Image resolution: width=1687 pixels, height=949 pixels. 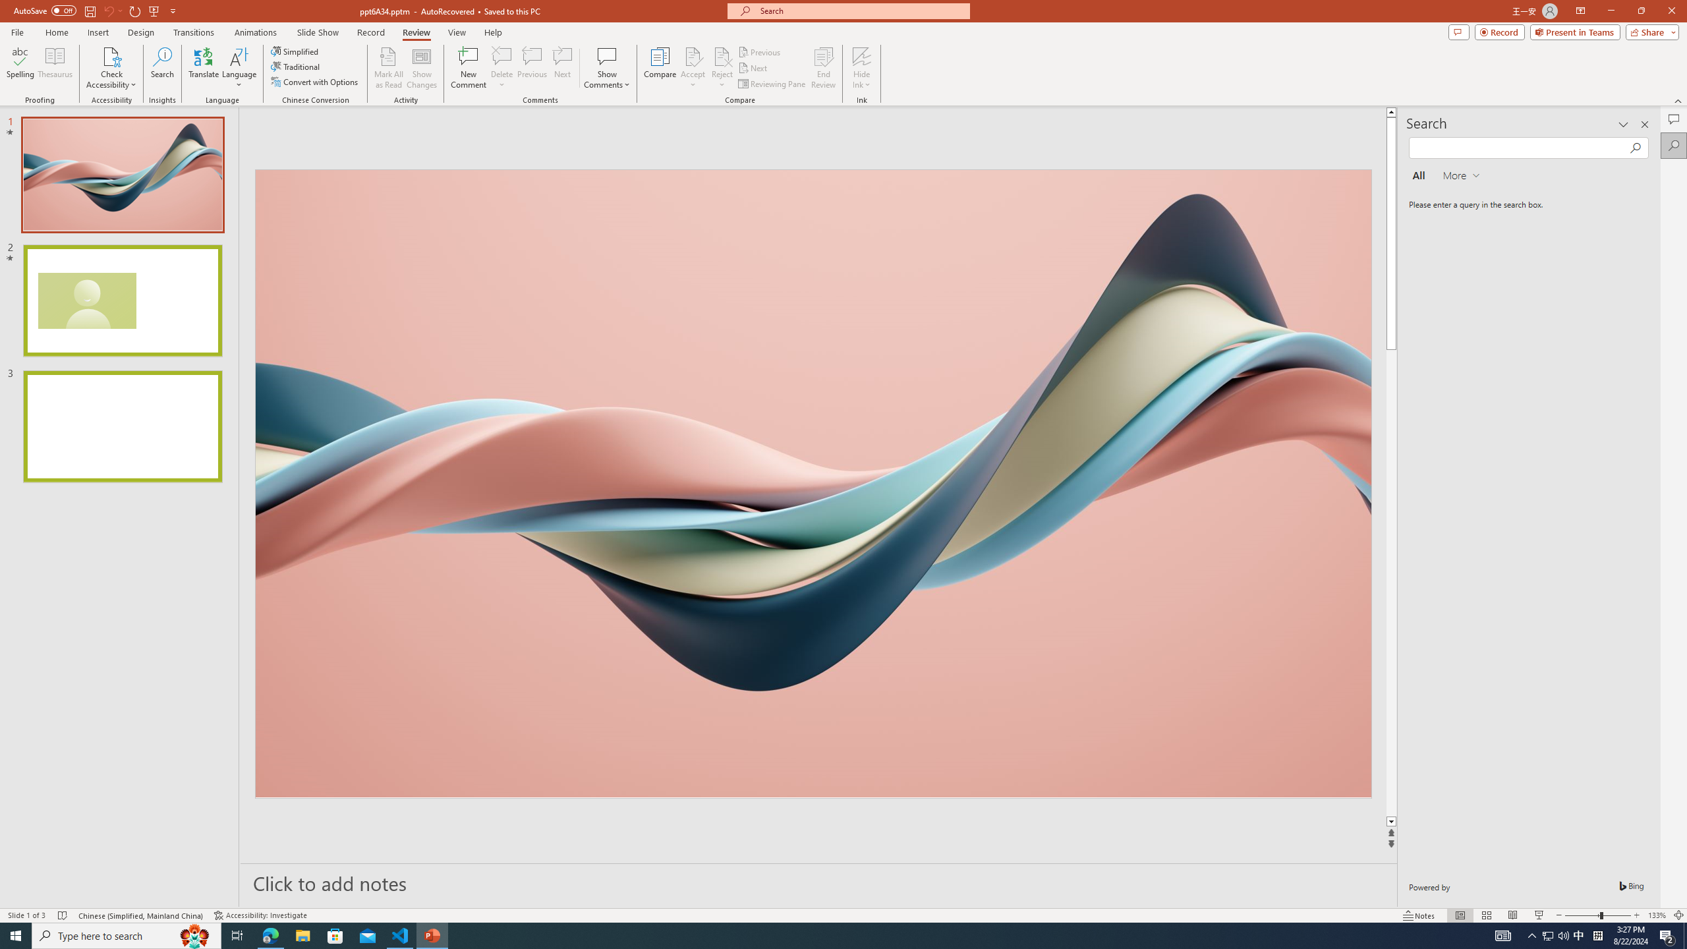 What do you see at coordinates (314, 80) in the screenshot?
I see `'Convert with Options...'` at bounding box center [314, 80].